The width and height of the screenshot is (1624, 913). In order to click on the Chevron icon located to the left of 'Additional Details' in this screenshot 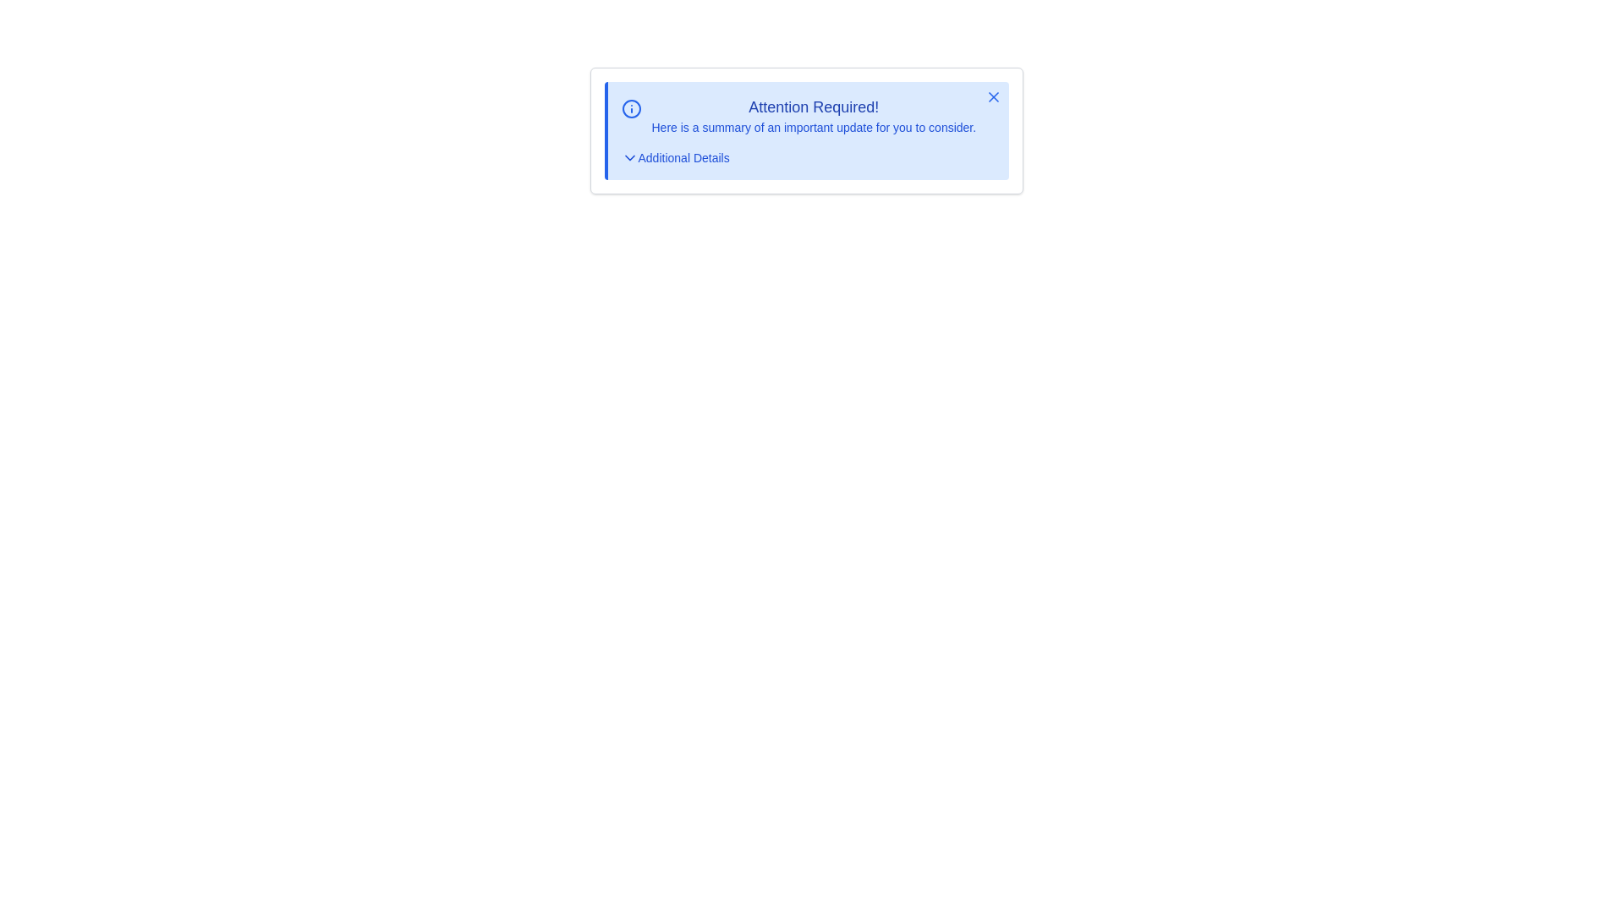, I will do `click(628, 157)`.